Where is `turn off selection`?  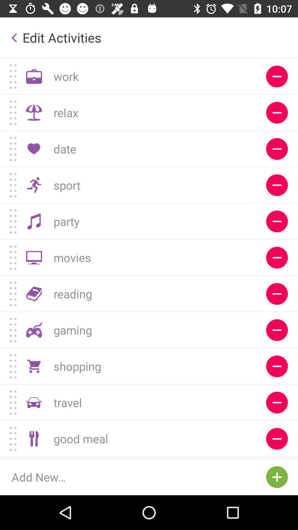
turn off selection is located at coordinates (277, 221).